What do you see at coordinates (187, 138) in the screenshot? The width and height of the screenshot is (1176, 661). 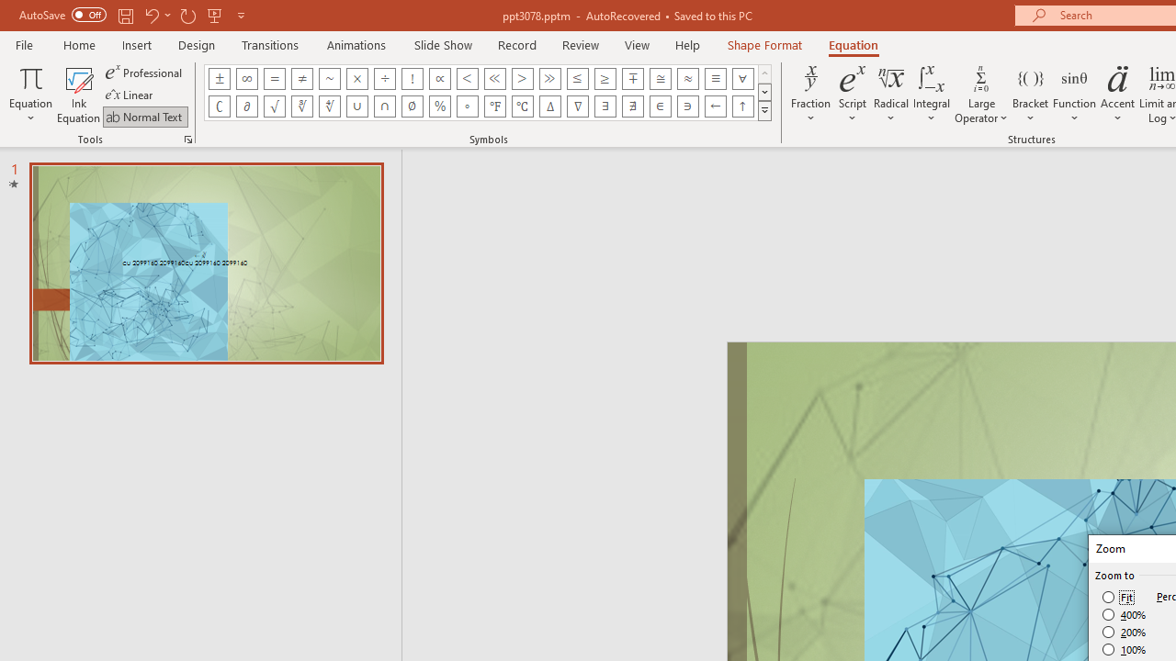 I see `'Equation Options...'` at bounding box center [187, 138].